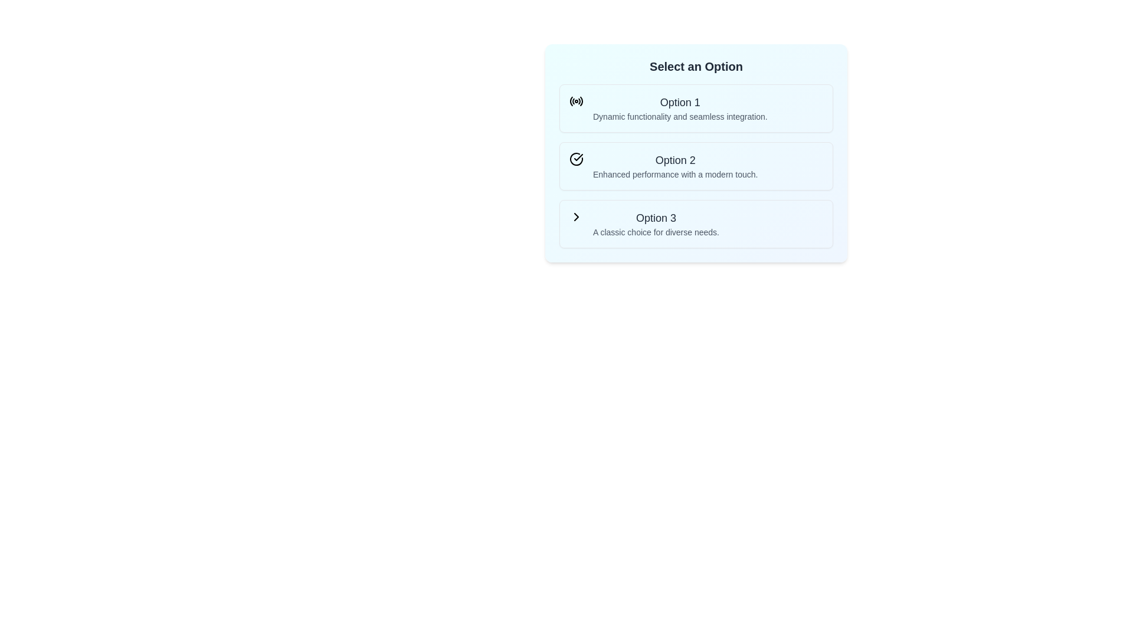 The height and width of the screenshot is (637, 1133). Describe the element at coordinates (696, 224) in the screenshot. I see `the third selectable list item in the vertically stacked list` at that location.